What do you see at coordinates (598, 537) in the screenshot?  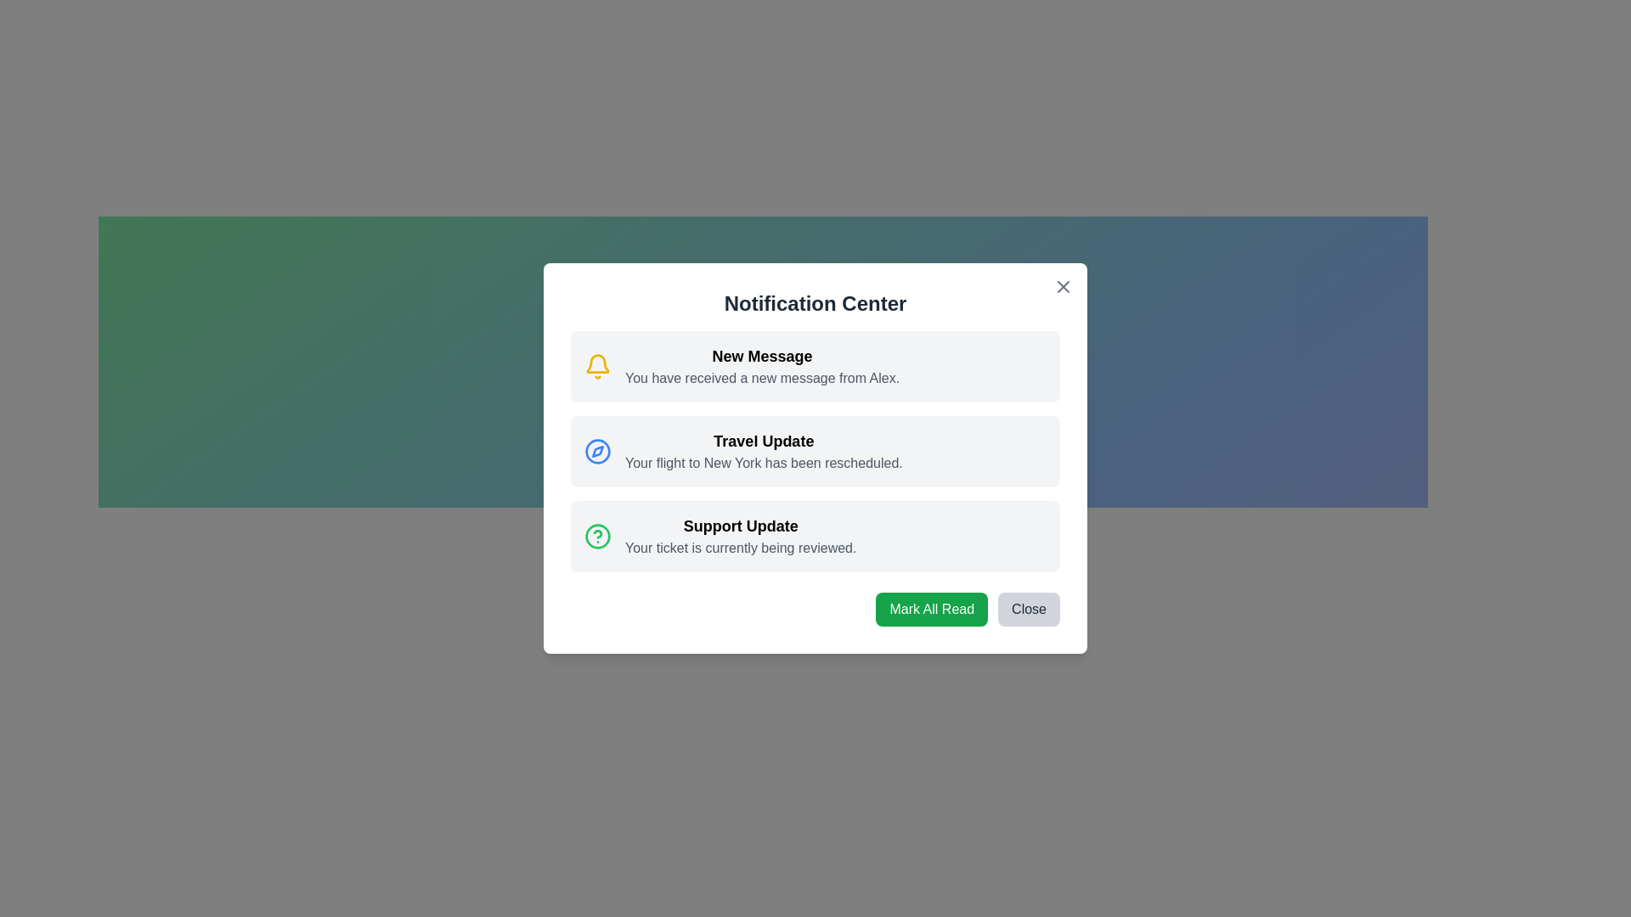 I see `the Decorative icon that indicates the 'Support Update' section, which is located to the far left within the third informational section below the 'Support Update' title` at bounding box center [598, 537].